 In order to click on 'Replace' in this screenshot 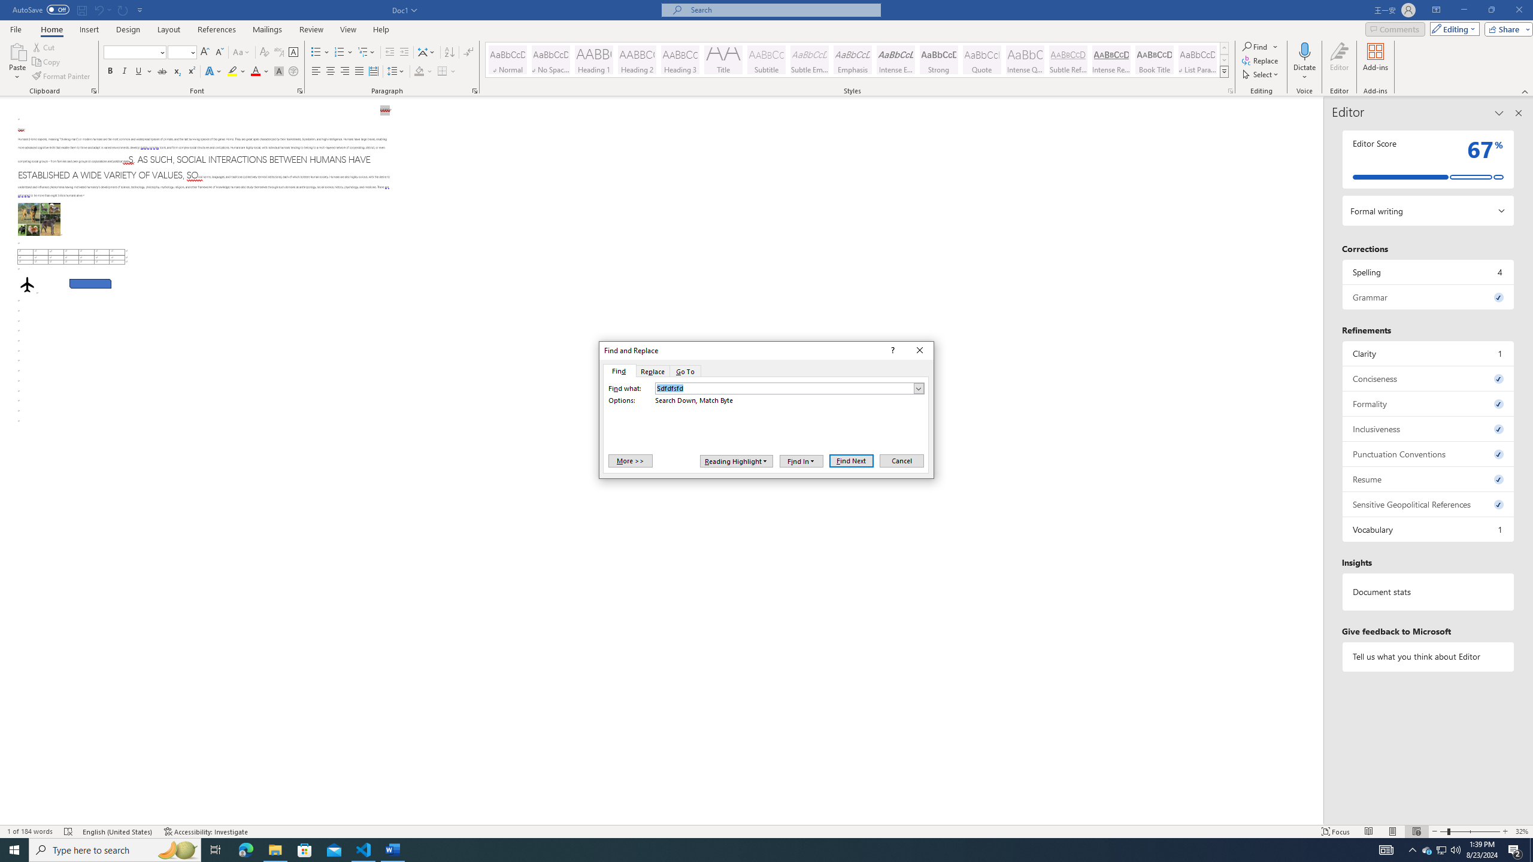, I will do `click(652, 370)`.